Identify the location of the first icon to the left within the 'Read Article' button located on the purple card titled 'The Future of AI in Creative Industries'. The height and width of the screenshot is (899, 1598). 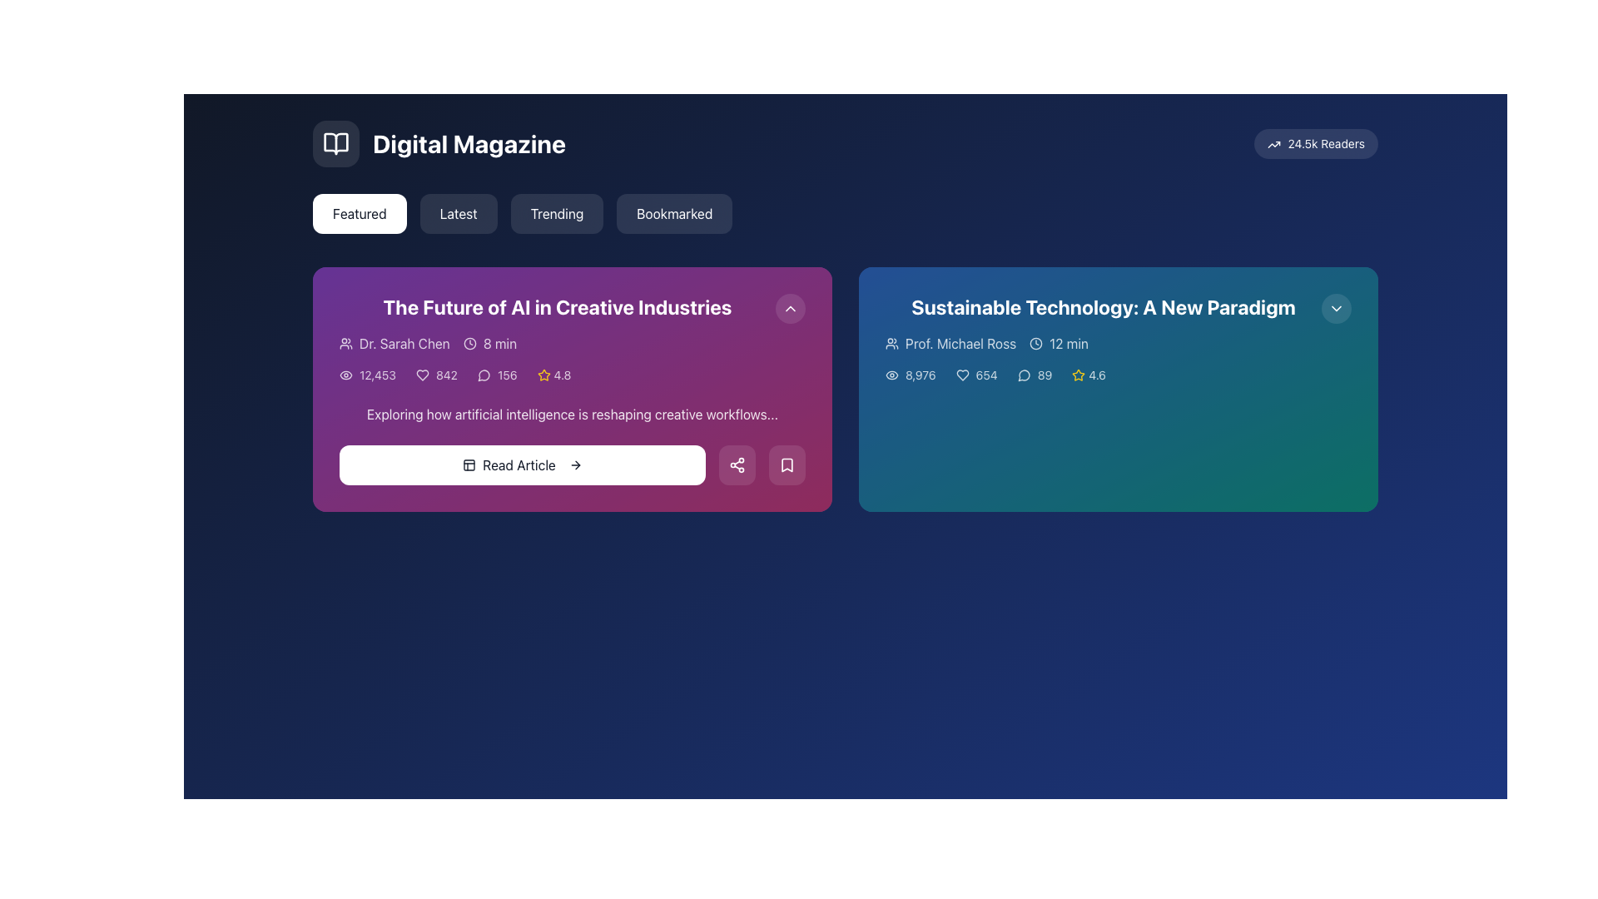
(469, 465).